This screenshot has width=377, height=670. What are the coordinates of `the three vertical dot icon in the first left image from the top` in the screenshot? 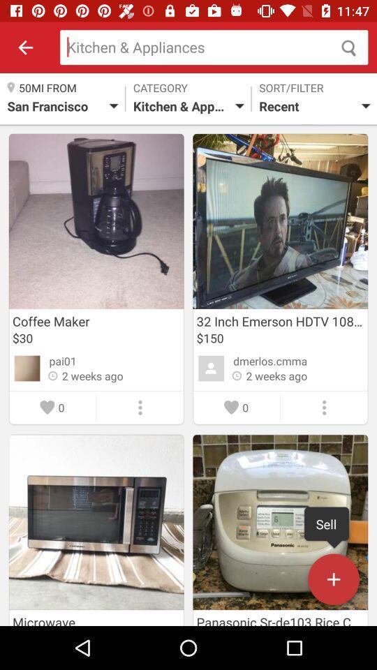 It's located at (140, 408).